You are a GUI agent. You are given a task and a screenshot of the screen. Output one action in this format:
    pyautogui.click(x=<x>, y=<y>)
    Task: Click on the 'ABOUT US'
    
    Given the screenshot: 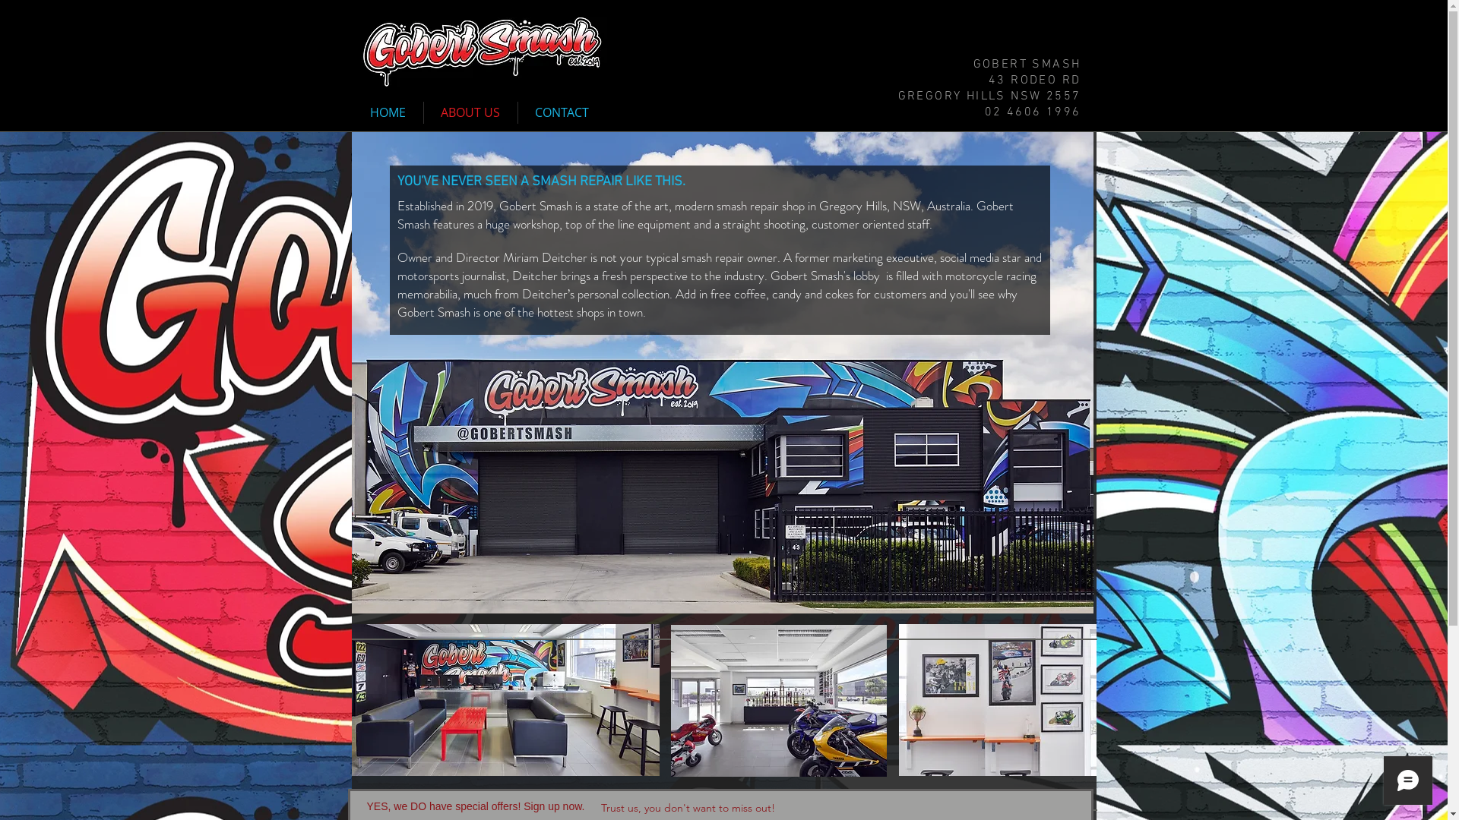 What is the action you would take?
    pyautogui.click(x=423, y=112)
    